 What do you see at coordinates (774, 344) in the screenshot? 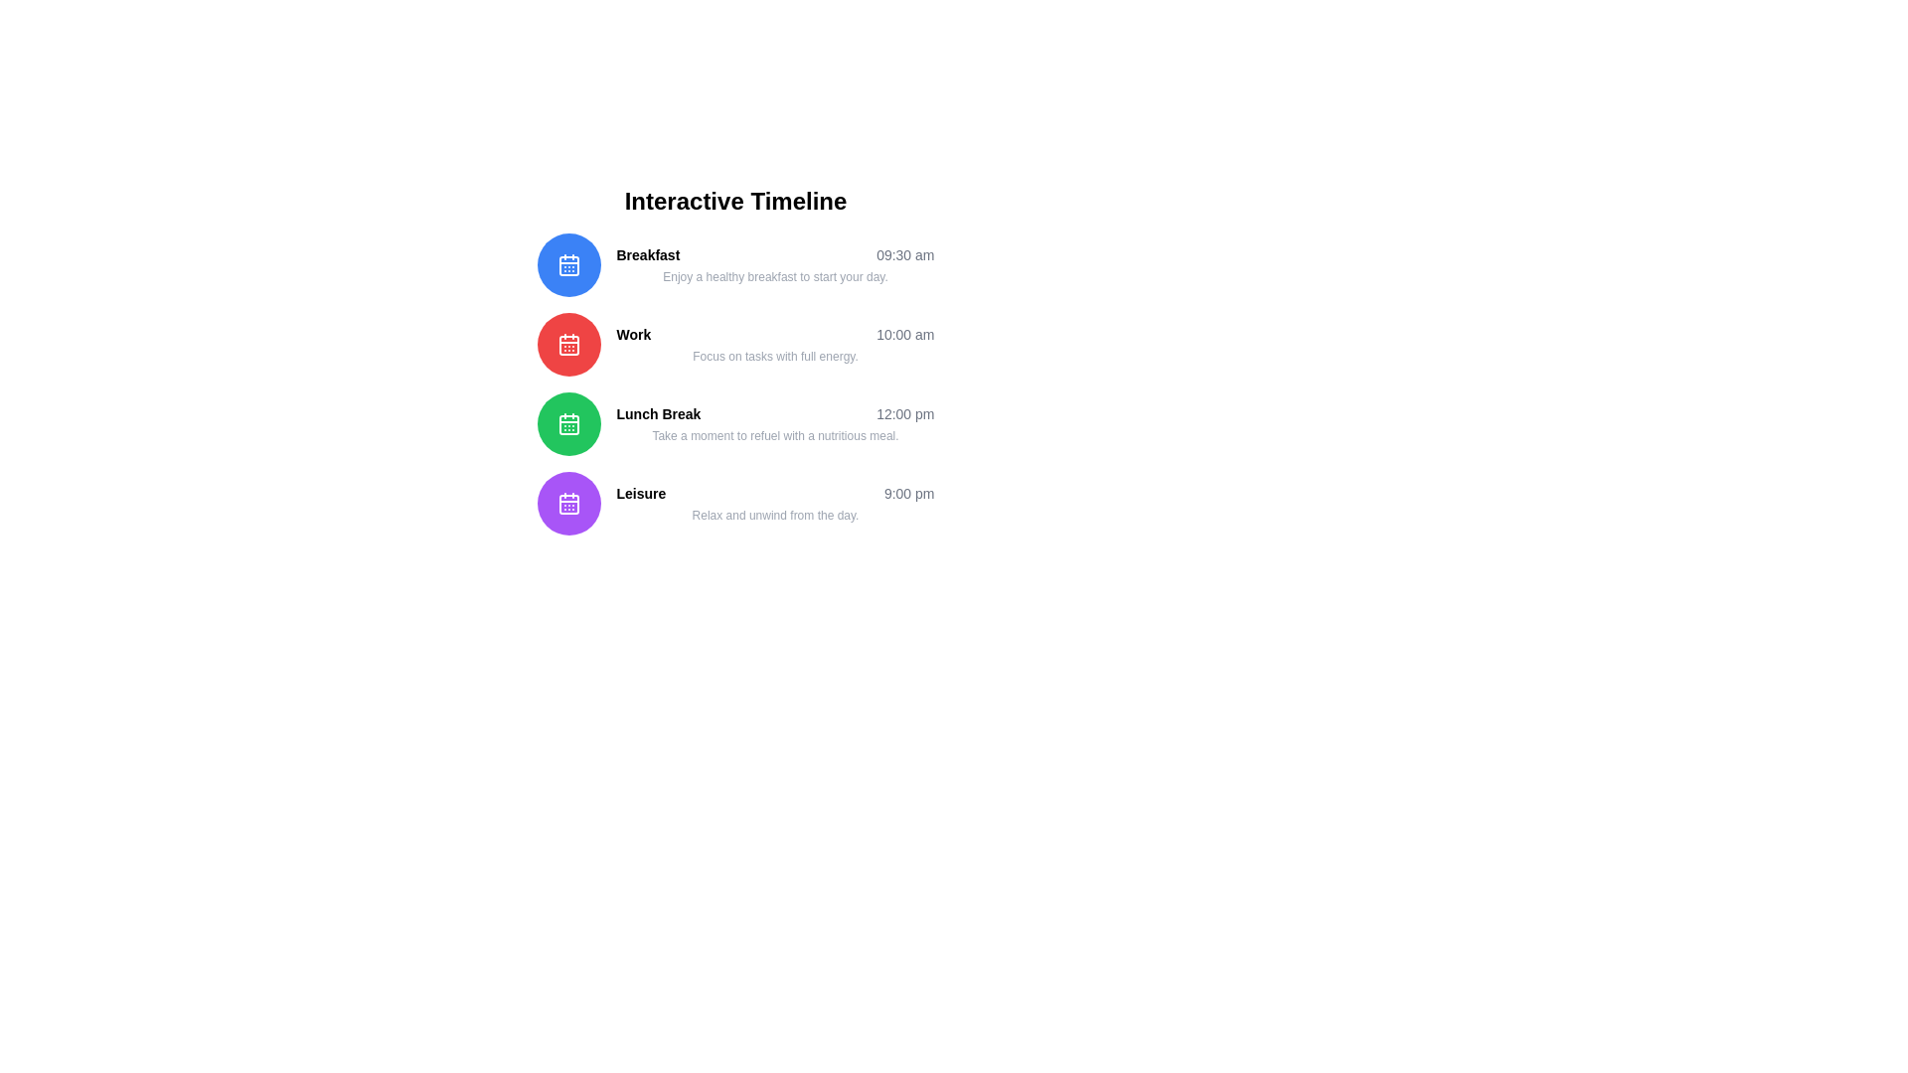
I see `the second list item containing the text 'Work' and 'Focus on tasks with full energy.'` at bounding box center [774, 344].